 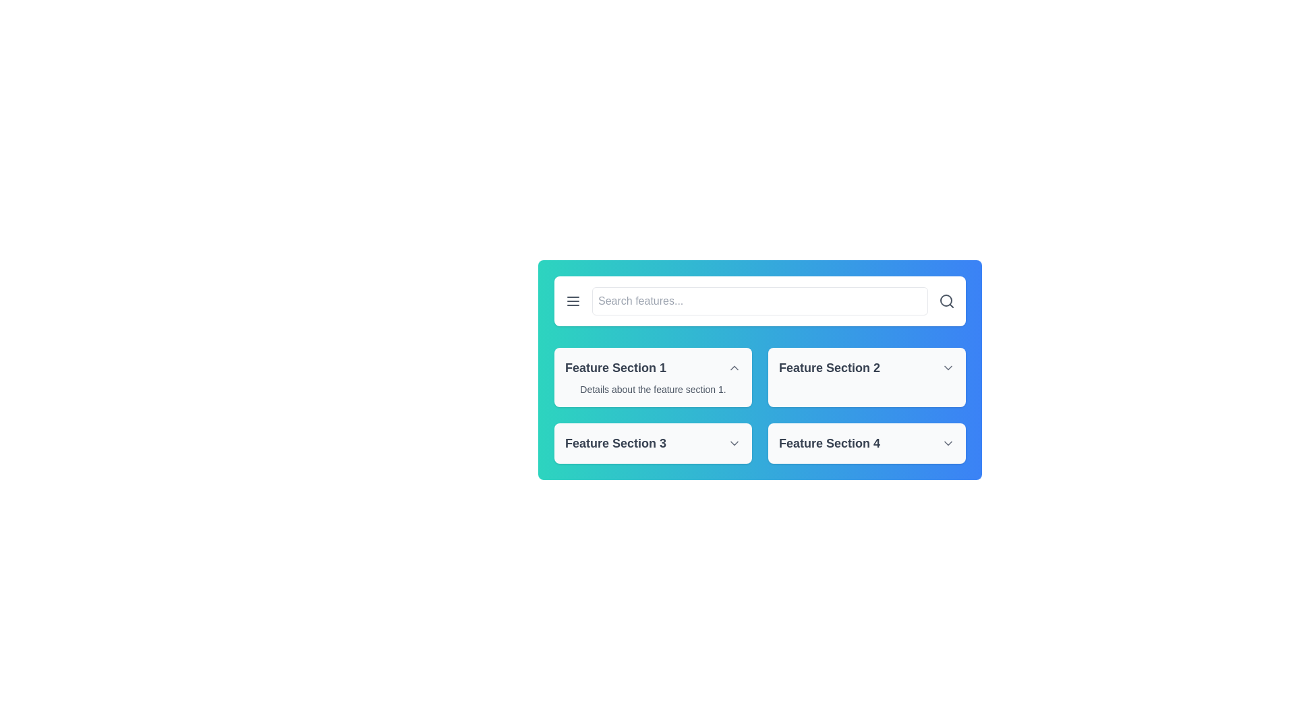 I want to click on the informational text block located below the title of 'Feature Section 1' within its card in the top-left quadrant of the interface, so click(x=653, y=390).